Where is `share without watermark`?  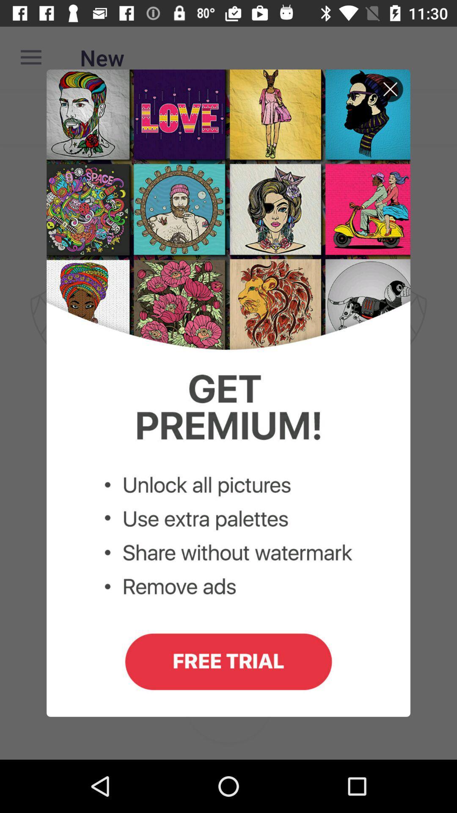
share without watermark is located at coordinates (228, 393).